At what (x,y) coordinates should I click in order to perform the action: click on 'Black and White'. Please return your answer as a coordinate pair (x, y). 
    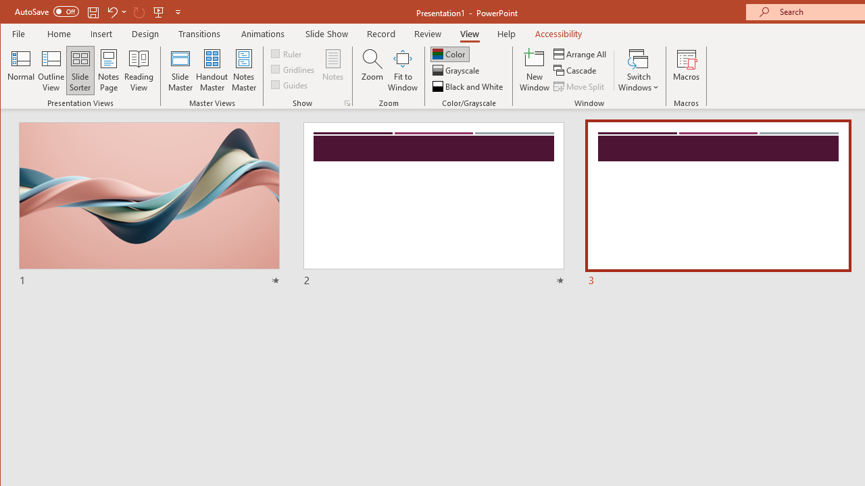
    Looking at the image, I should click on (469, 86).